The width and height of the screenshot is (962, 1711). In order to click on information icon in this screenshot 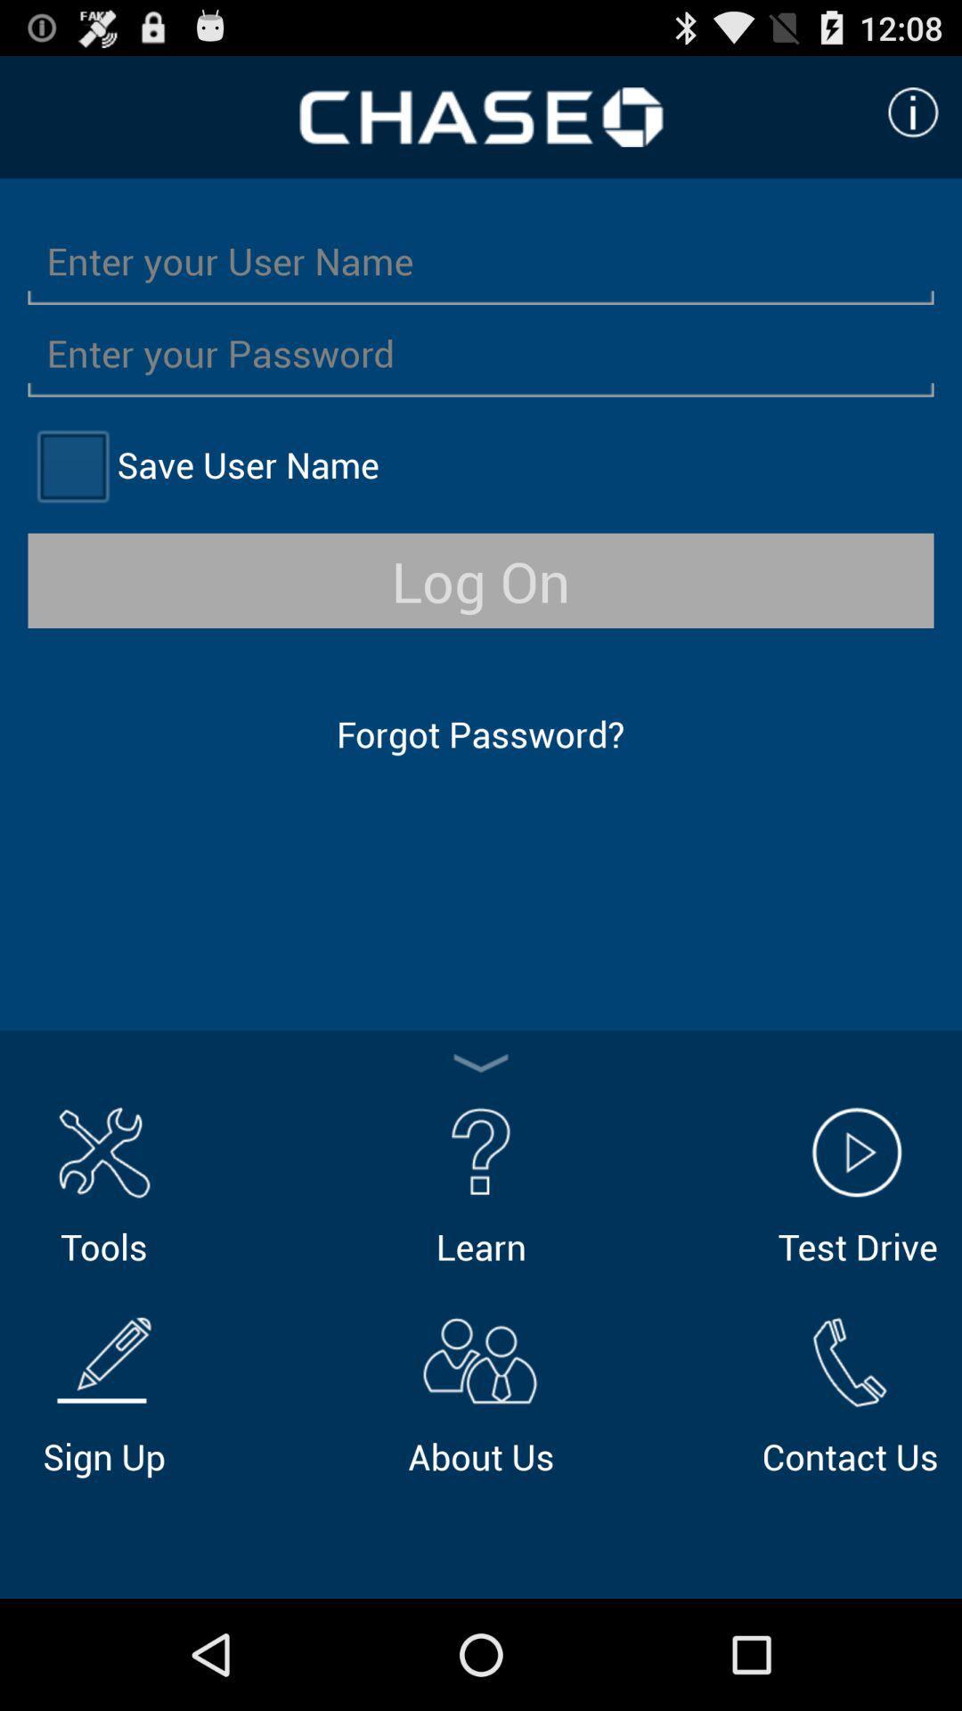, I will do `click(913, 111)`.